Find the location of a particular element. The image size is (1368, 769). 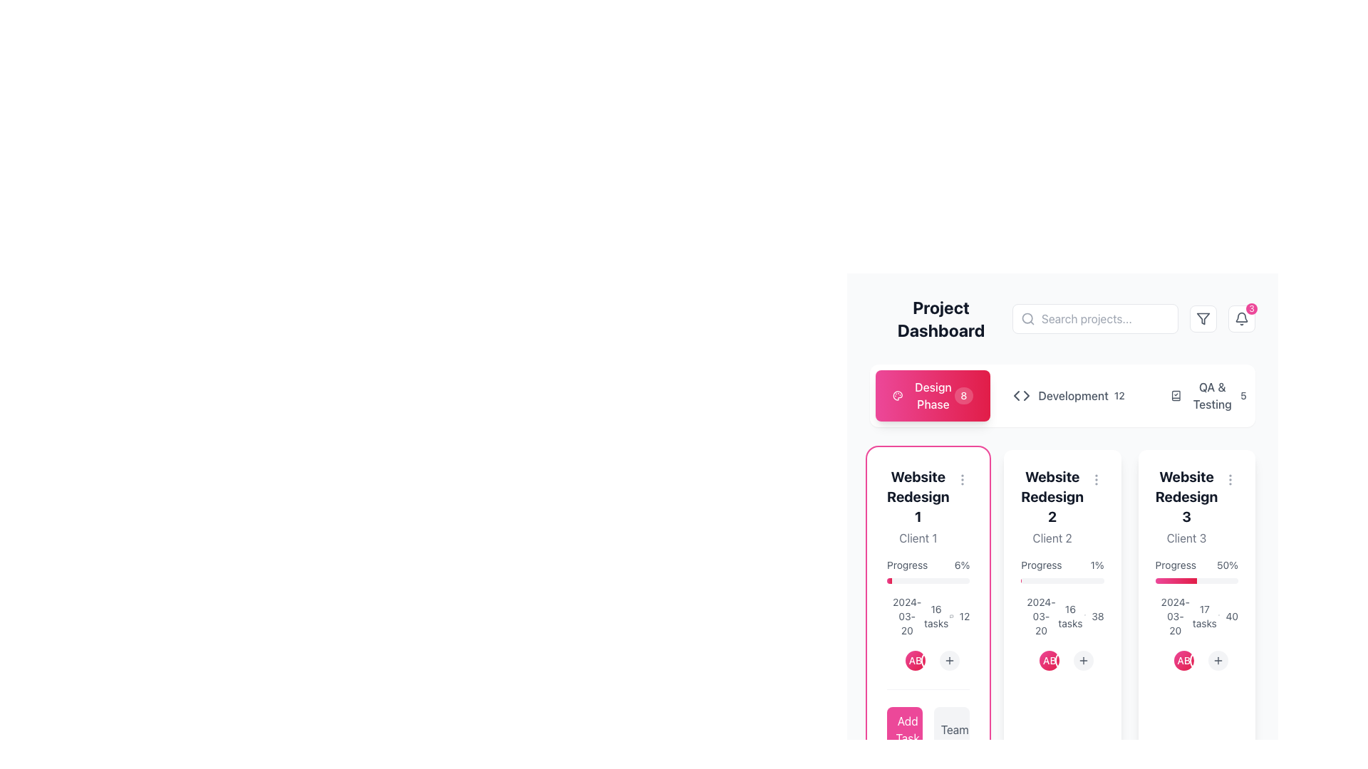

the 'QA & Testing' icon located in the top-right section of the application layout, which serves as an indicator for completion or verification is located at coordinates (1176, 395).